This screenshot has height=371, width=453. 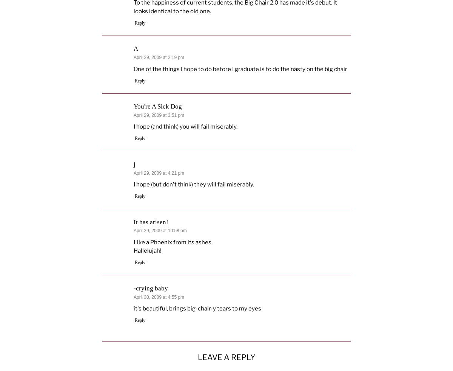 I want to click on 'April 29, 2009 at 10:58 pm', so click(x=160, y=230).